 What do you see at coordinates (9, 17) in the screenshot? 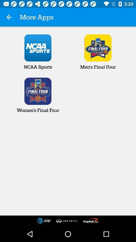
I see `icon above the women s final item` at bounding box center [9, 17].